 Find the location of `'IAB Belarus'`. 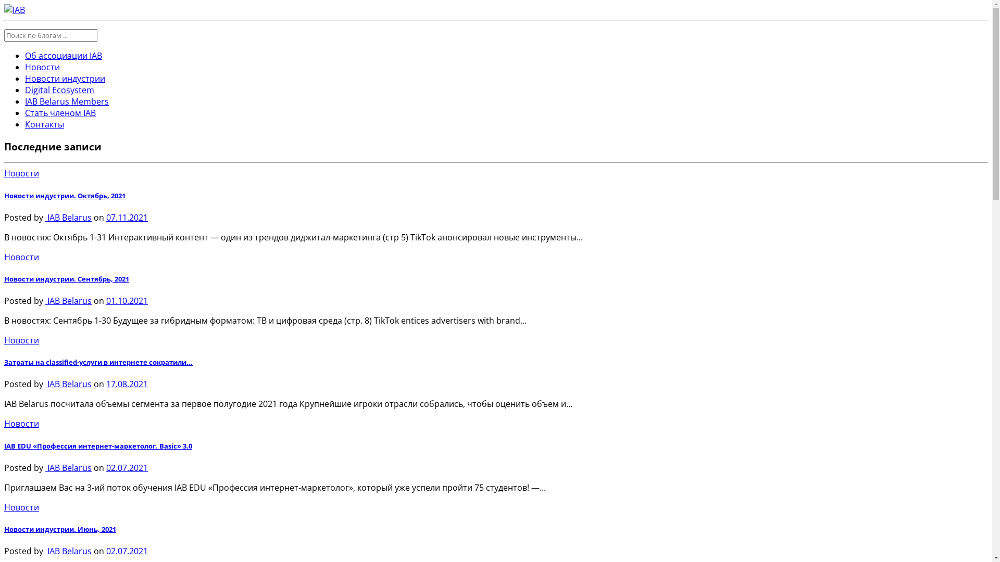

'IAB Belarus' is located at coordinates (44, 216).